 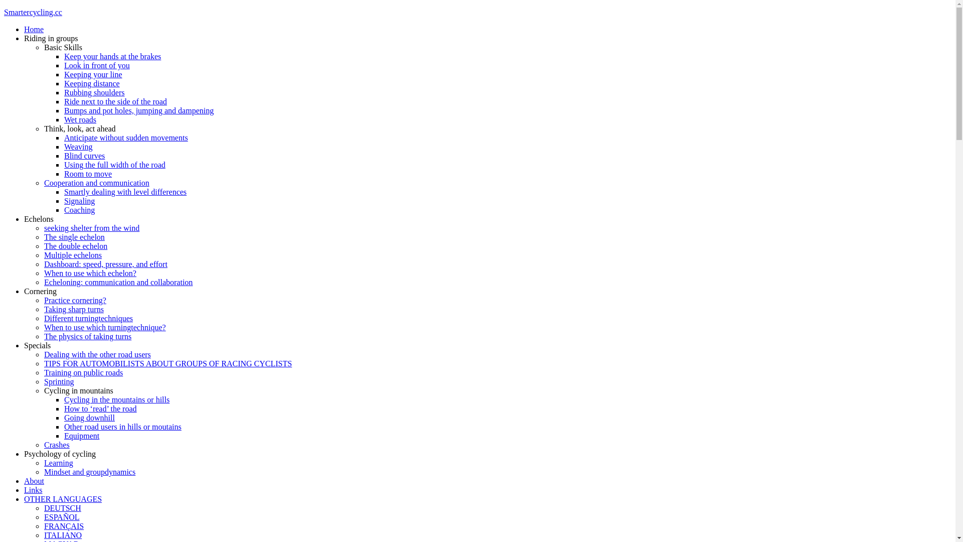 What do you see at coordinates (79, 119) in the screenshot?
I see `'Wet roads'` at bounding box center [79, 119].